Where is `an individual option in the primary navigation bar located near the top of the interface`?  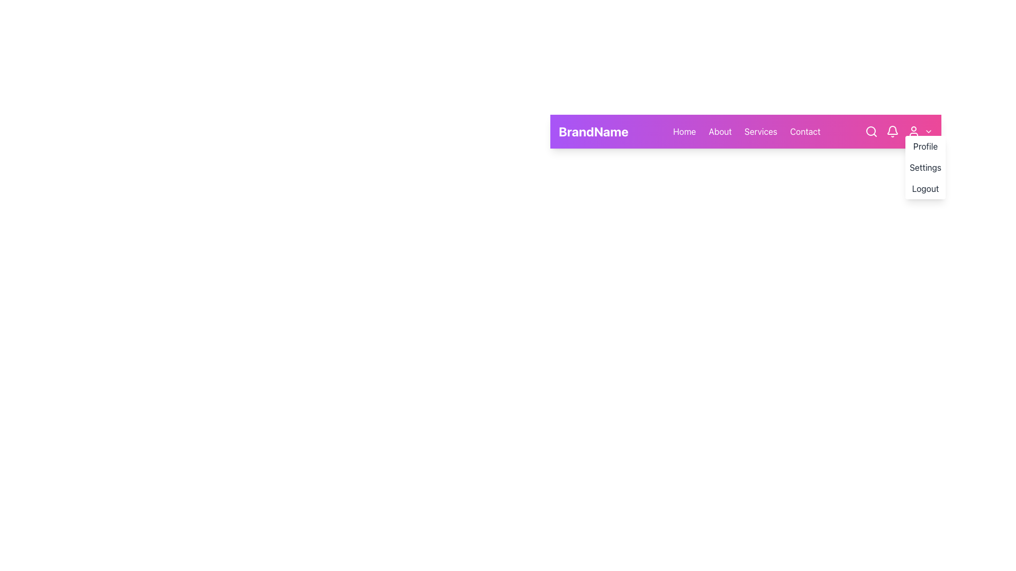
an individual option in the primary navigation bar located near the top of the interface is located at coordinates (745, 131).